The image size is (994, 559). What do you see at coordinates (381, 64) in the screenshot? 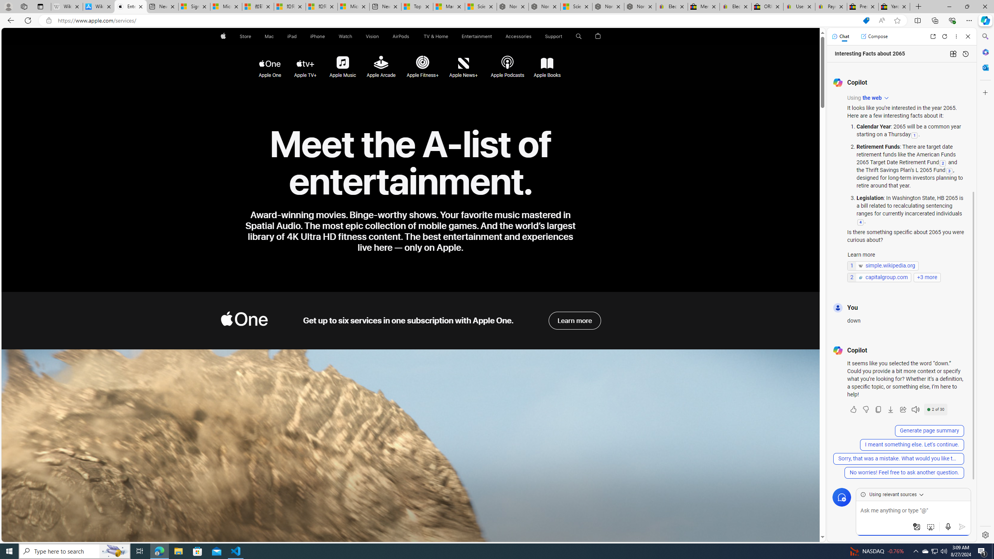
I see `'Apple Arcade'` at bounding box center [381, 64].